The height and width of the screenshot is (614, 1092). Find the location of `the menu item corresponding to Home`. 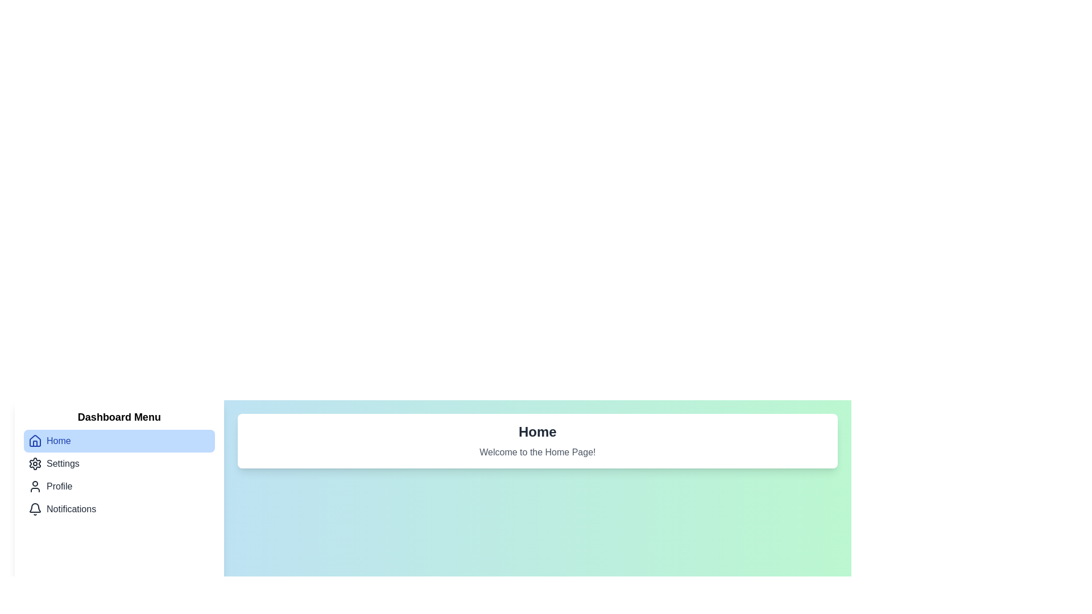

the menu item corresponding to Home is located at coordinates (119, 440).